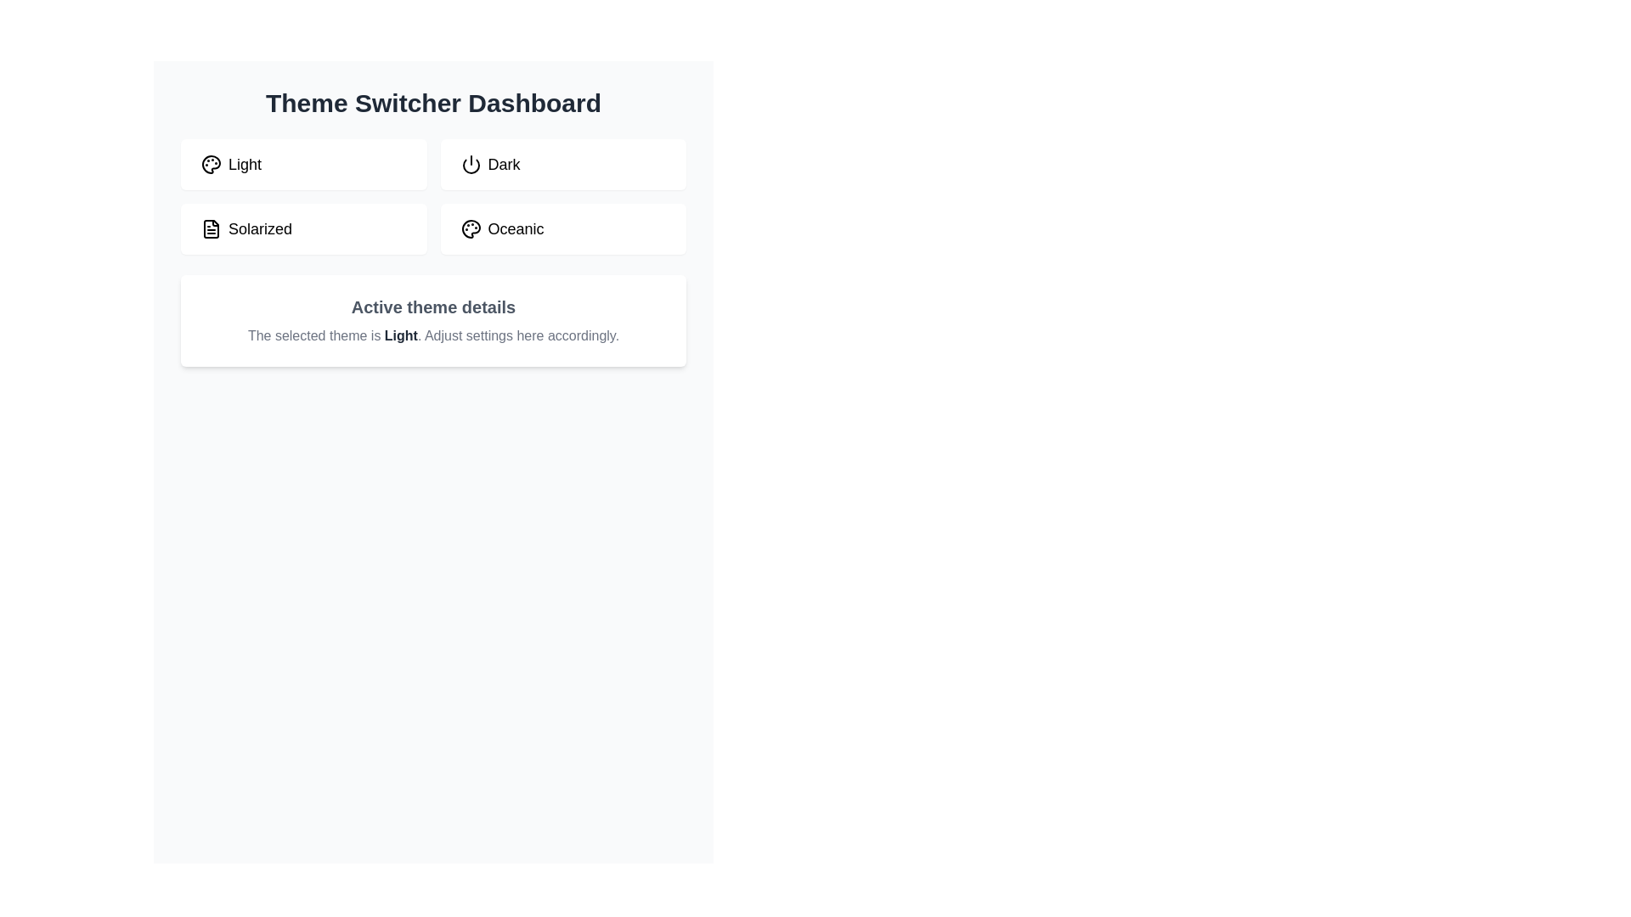  I want to click on the document or file icon styled in monochrome outline within the 'Solarized' button in the theme options grid, so click(211, 229).